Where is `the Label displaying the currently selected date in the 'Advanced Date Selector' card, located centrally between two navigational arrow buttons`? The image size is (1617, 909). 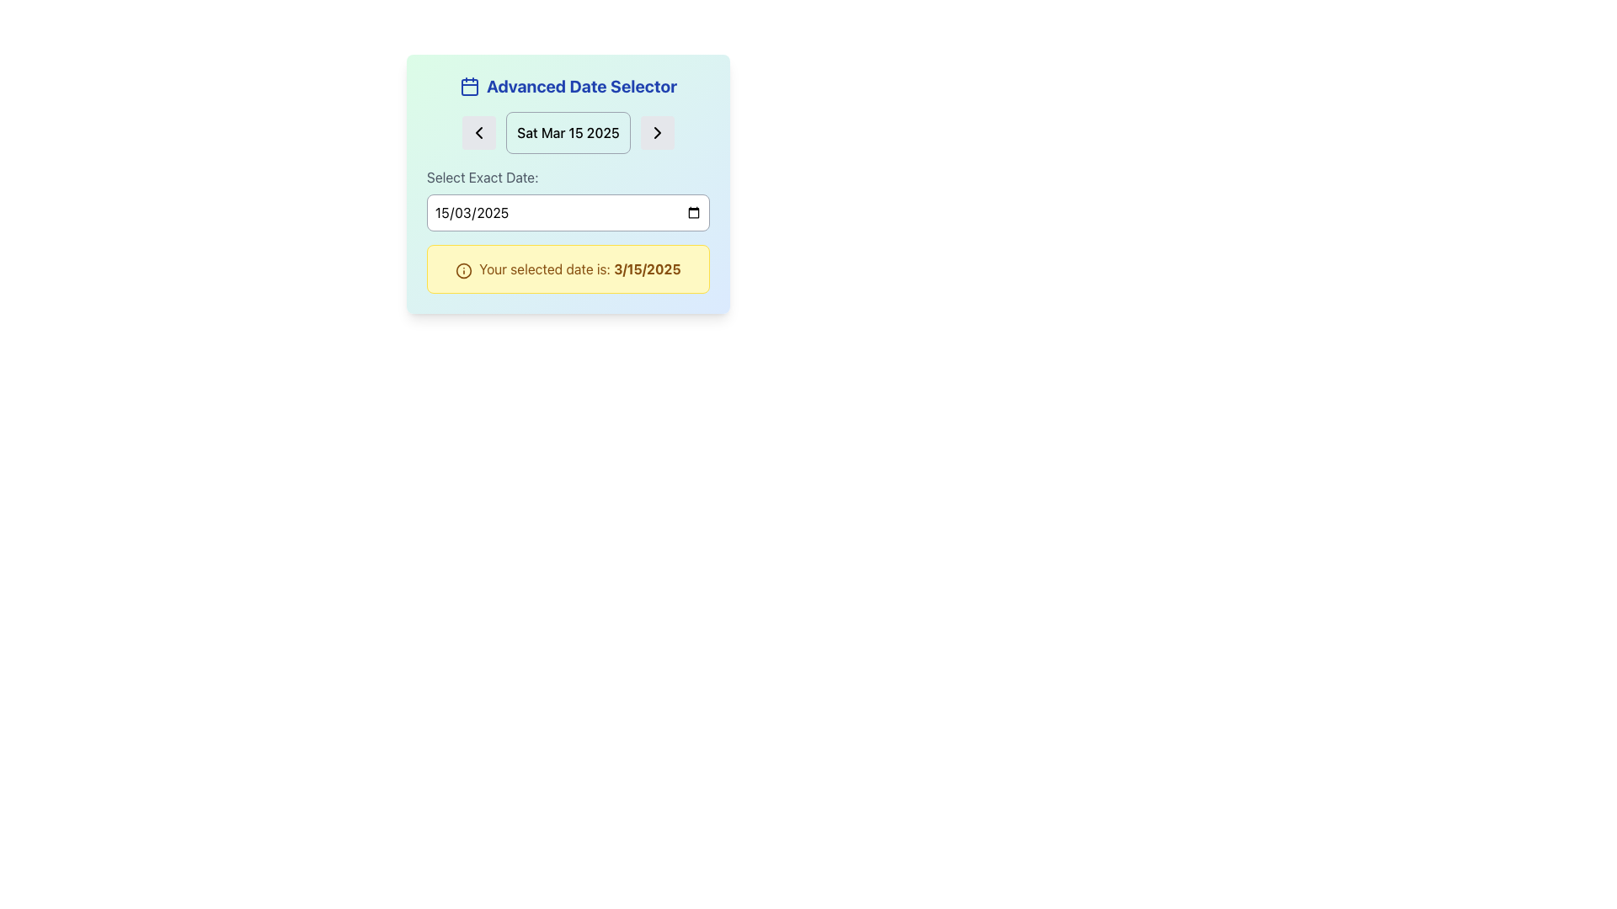
the Label displaying the currently selected date in the 'Advanced Date Selector' card, located centrally between two navigational arrow buttons is located at coordinates (568, 132).